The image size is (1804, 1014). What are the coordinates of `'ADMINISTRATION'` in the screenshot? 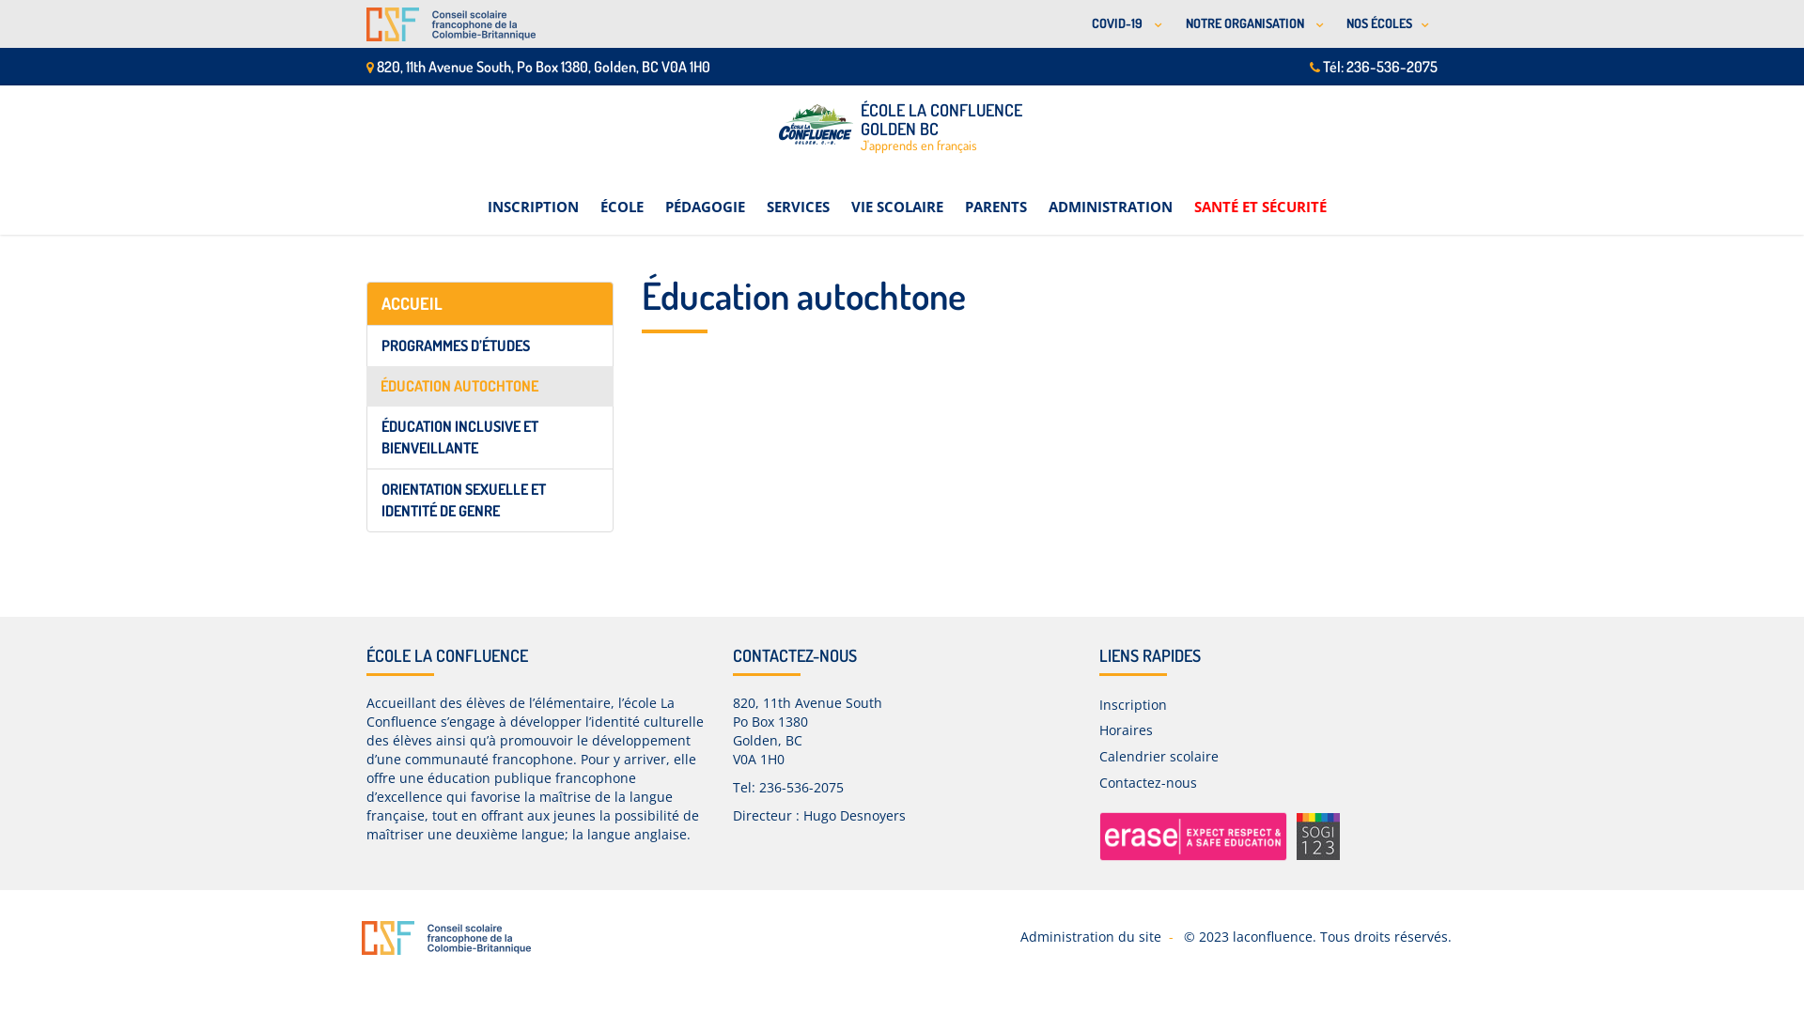 It's located at (1048, 195).